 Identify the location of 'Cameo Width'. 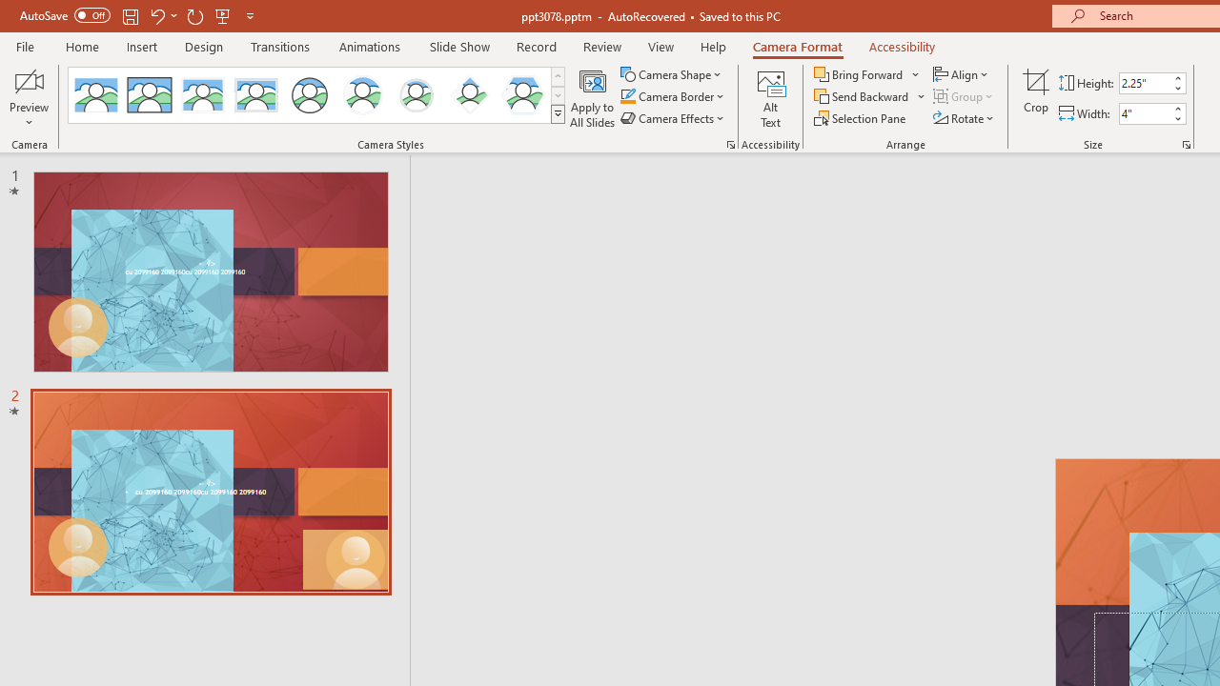
(1144, 113).